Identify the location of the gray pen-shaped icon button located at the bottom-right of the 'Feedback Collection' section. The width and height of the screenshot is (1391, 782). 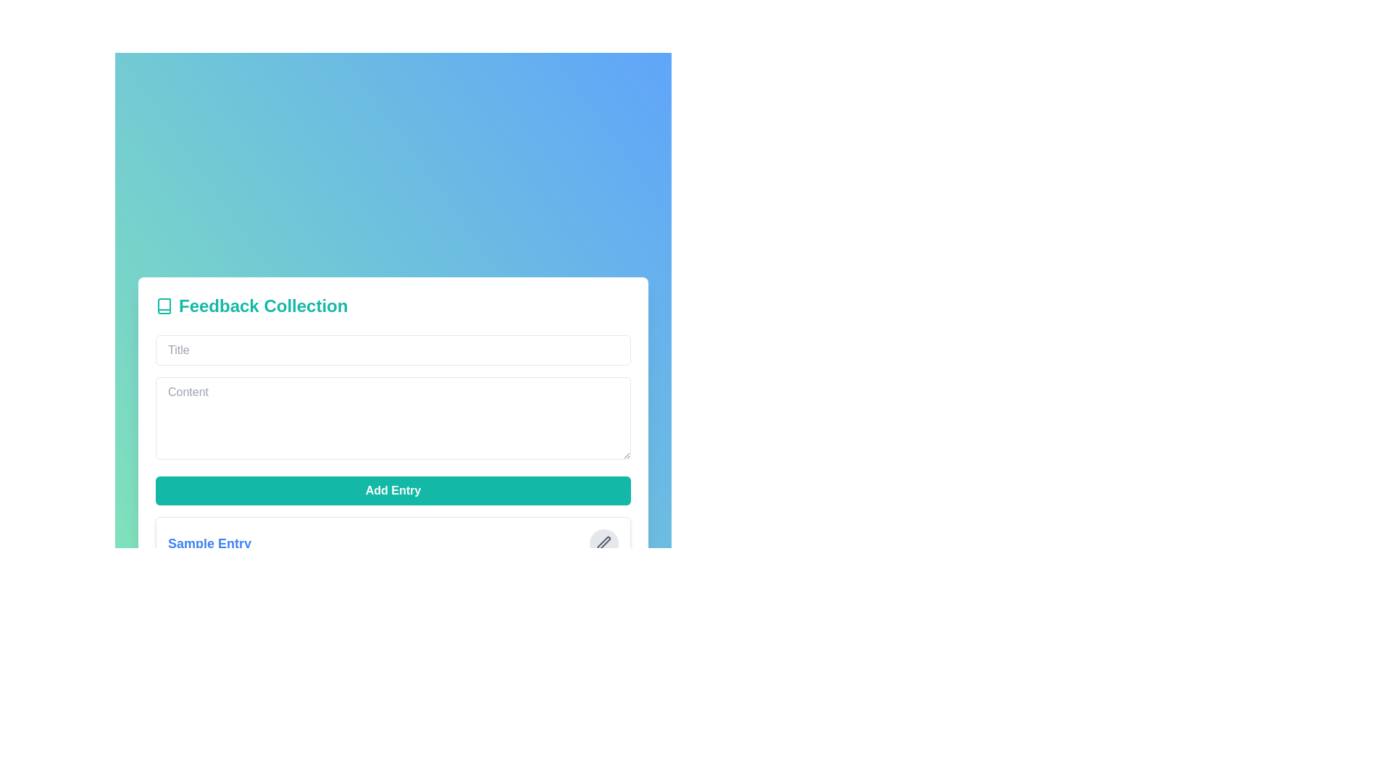
(604, 543).